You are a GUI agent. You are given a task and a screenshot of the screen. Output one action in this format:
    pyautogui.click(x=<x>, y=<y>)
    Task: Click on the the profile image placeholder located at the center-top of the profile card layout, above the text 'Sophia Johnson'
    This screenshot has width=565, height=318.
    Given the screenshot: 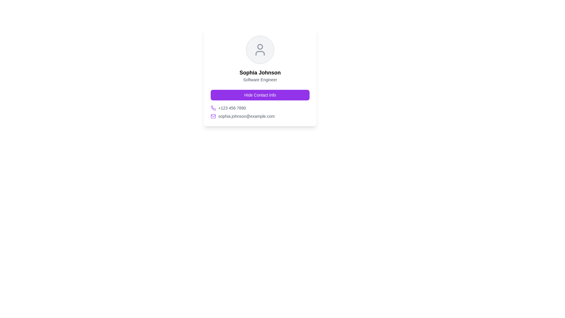 What is the action you would take?
    pyautogui.click(x=260, y=49)
    